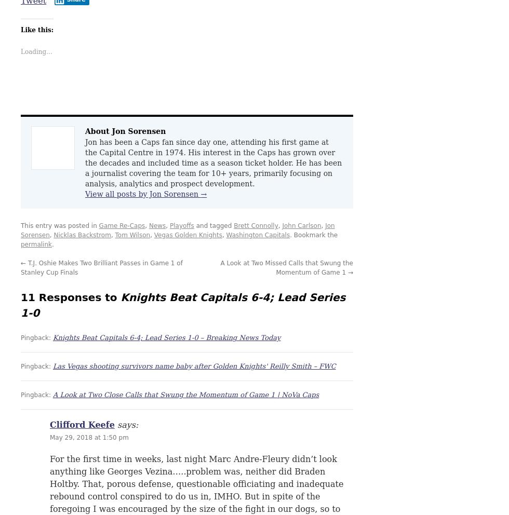  I want to click on 'A Look at Two Close Calls that Swung the Momentum of Game 1 | NoVa Caps', so click(52, 394).